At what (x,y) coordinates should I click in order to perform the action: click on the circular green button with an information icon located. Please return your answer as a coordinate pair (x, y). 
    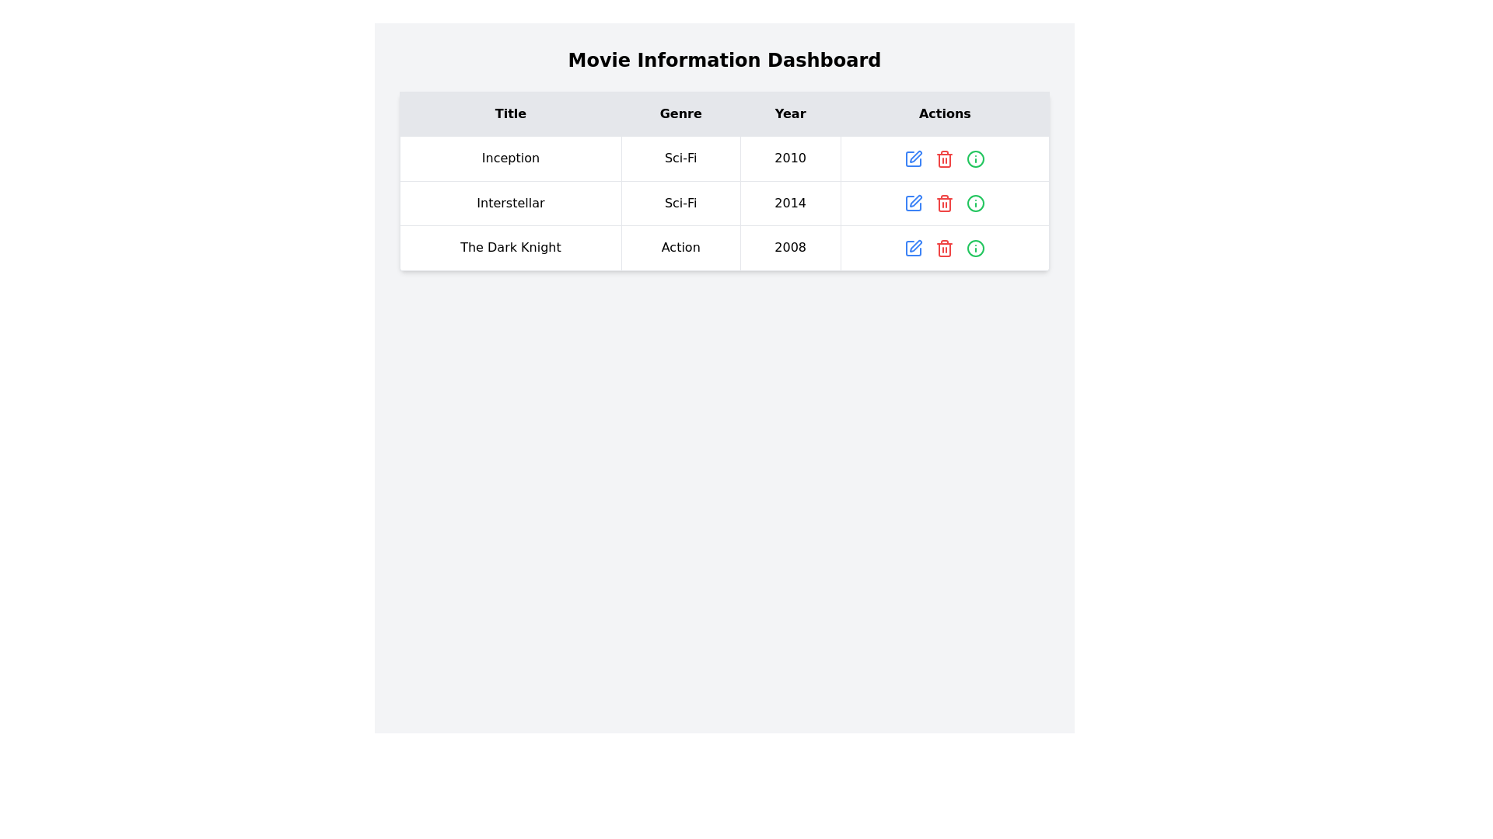
    Looking at the image, I should click on (975, 158).